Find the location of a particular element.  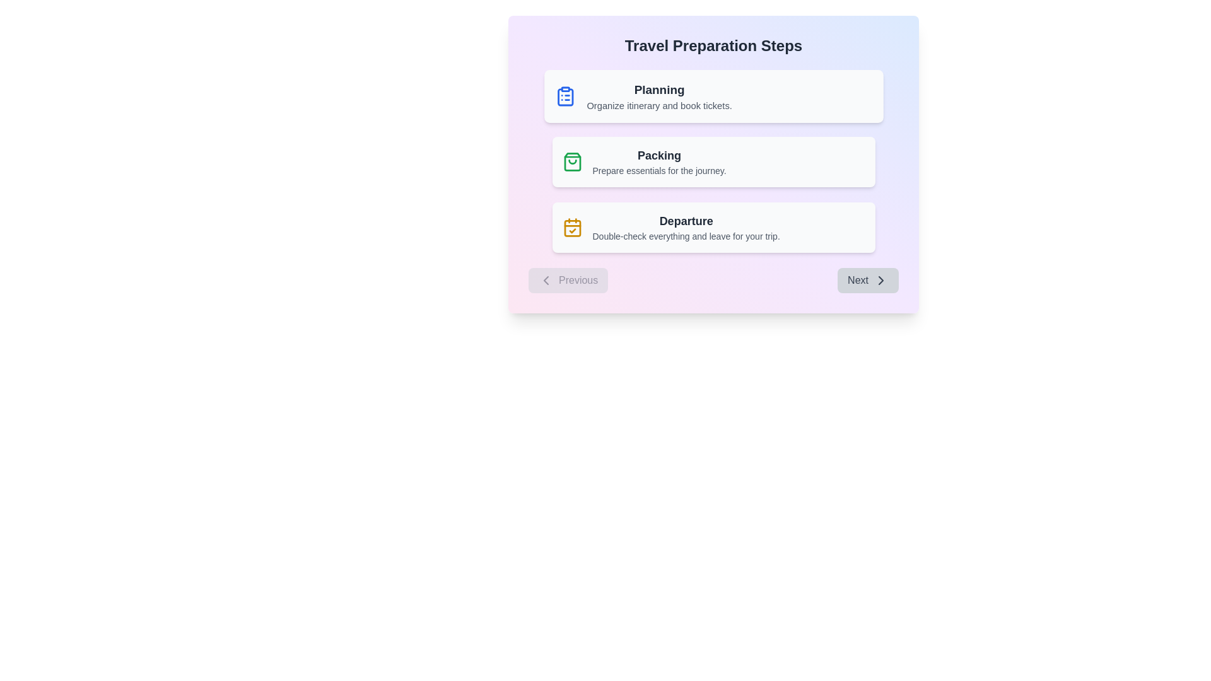

text content of the title element located above the subtitle 'Prepare essentials for the journey' in the middle card of the layout is located at coordinates (658, 154).